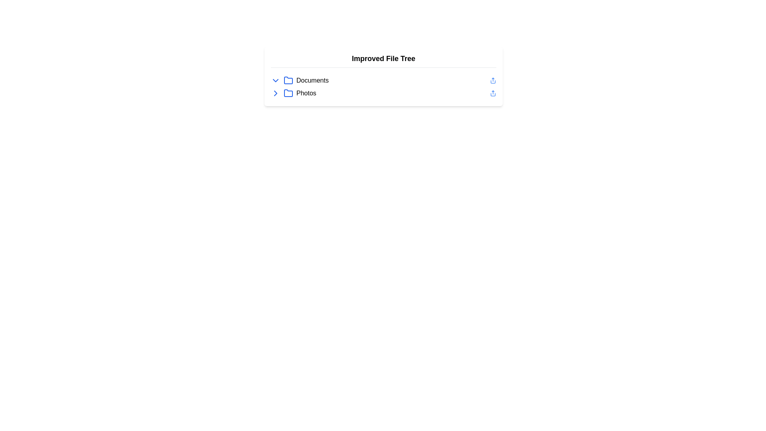 This screenshot has width=766, height=431. I want to click on the blue folder icon representing the 'Photos' entry in the file tree structure, so click(288, 93).